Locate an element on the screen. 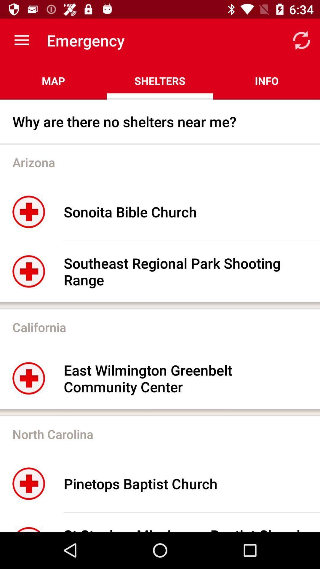 The height and width of the screenshot is (569, 320). the item to the left of emergency app is located at coordinates (21, 40).